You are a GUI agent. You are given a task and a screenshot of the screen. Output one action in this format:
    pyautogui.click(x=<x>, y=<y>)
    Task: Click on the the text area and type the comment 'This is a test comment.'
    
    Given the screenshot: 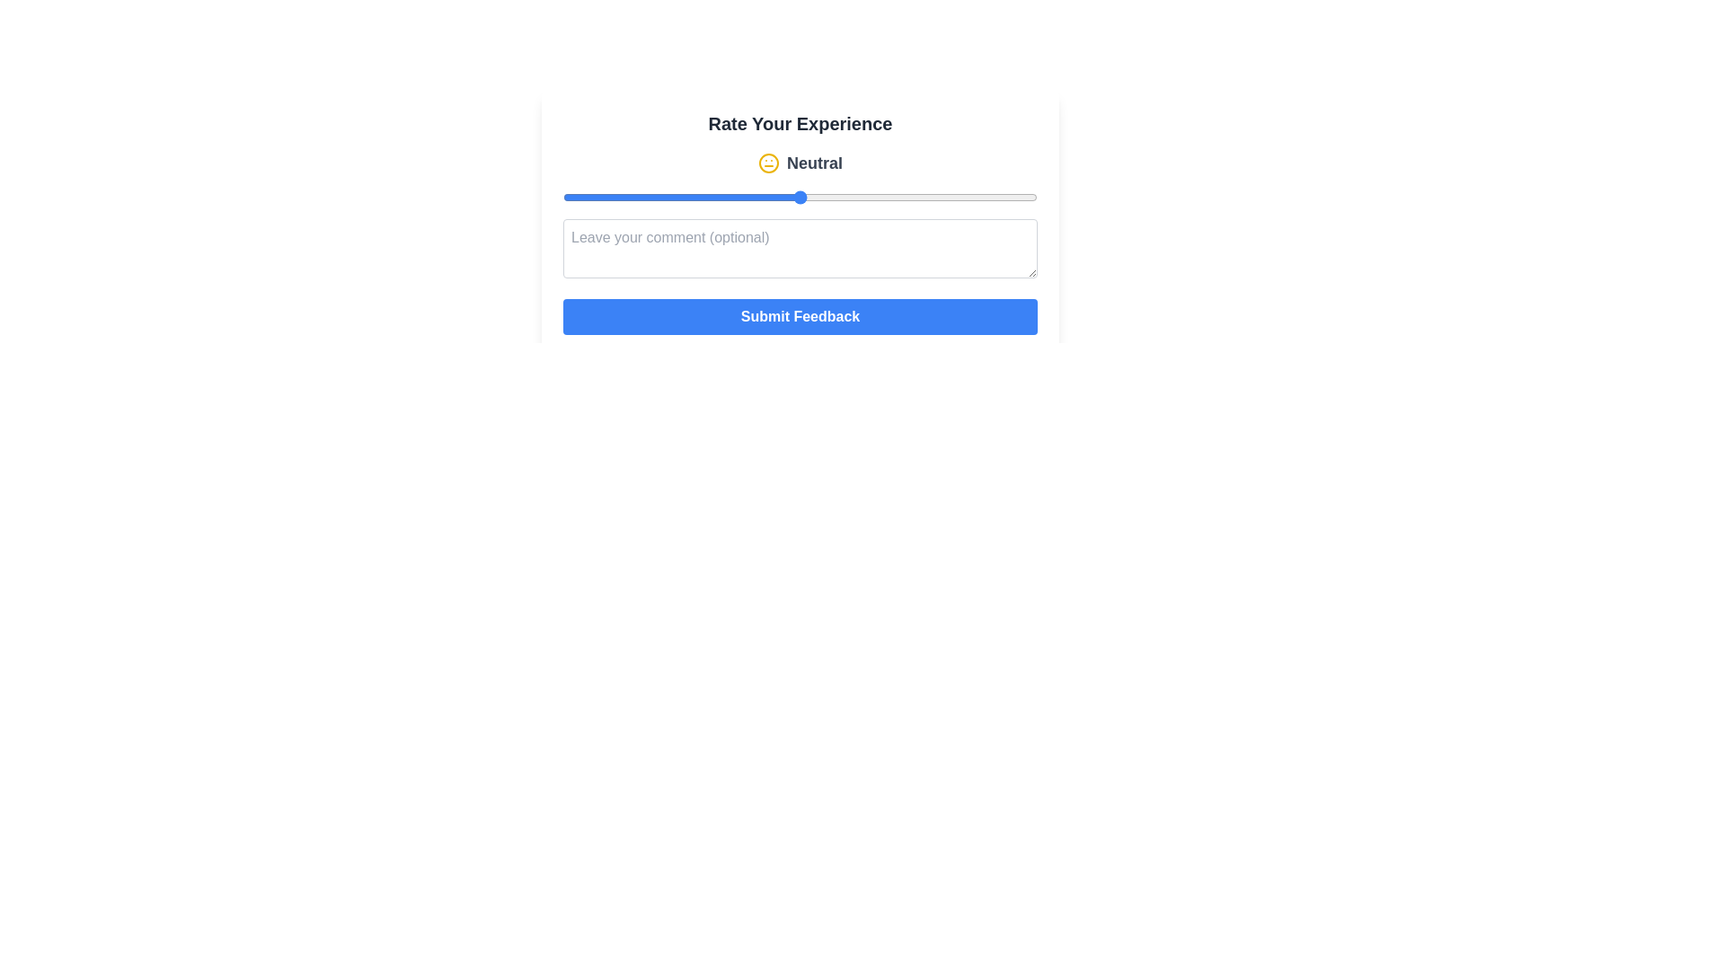 What is the action you would take?
    pyautogui.click(x=800, y=249)
    